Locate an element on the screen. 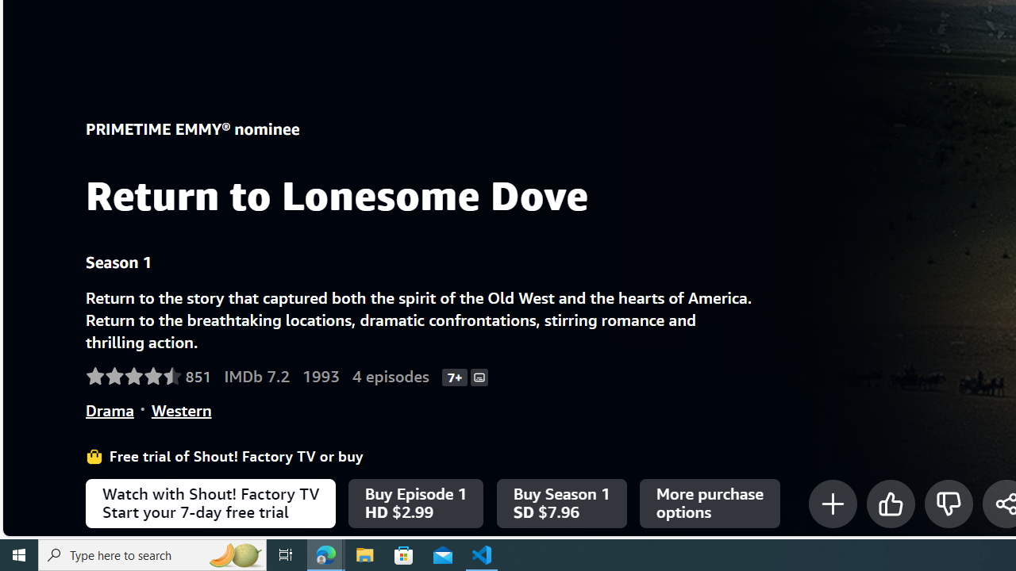 The image size is (1016, 571). 'Buy Episode 1 HD $2.99' is located at coordinates (416, 504).